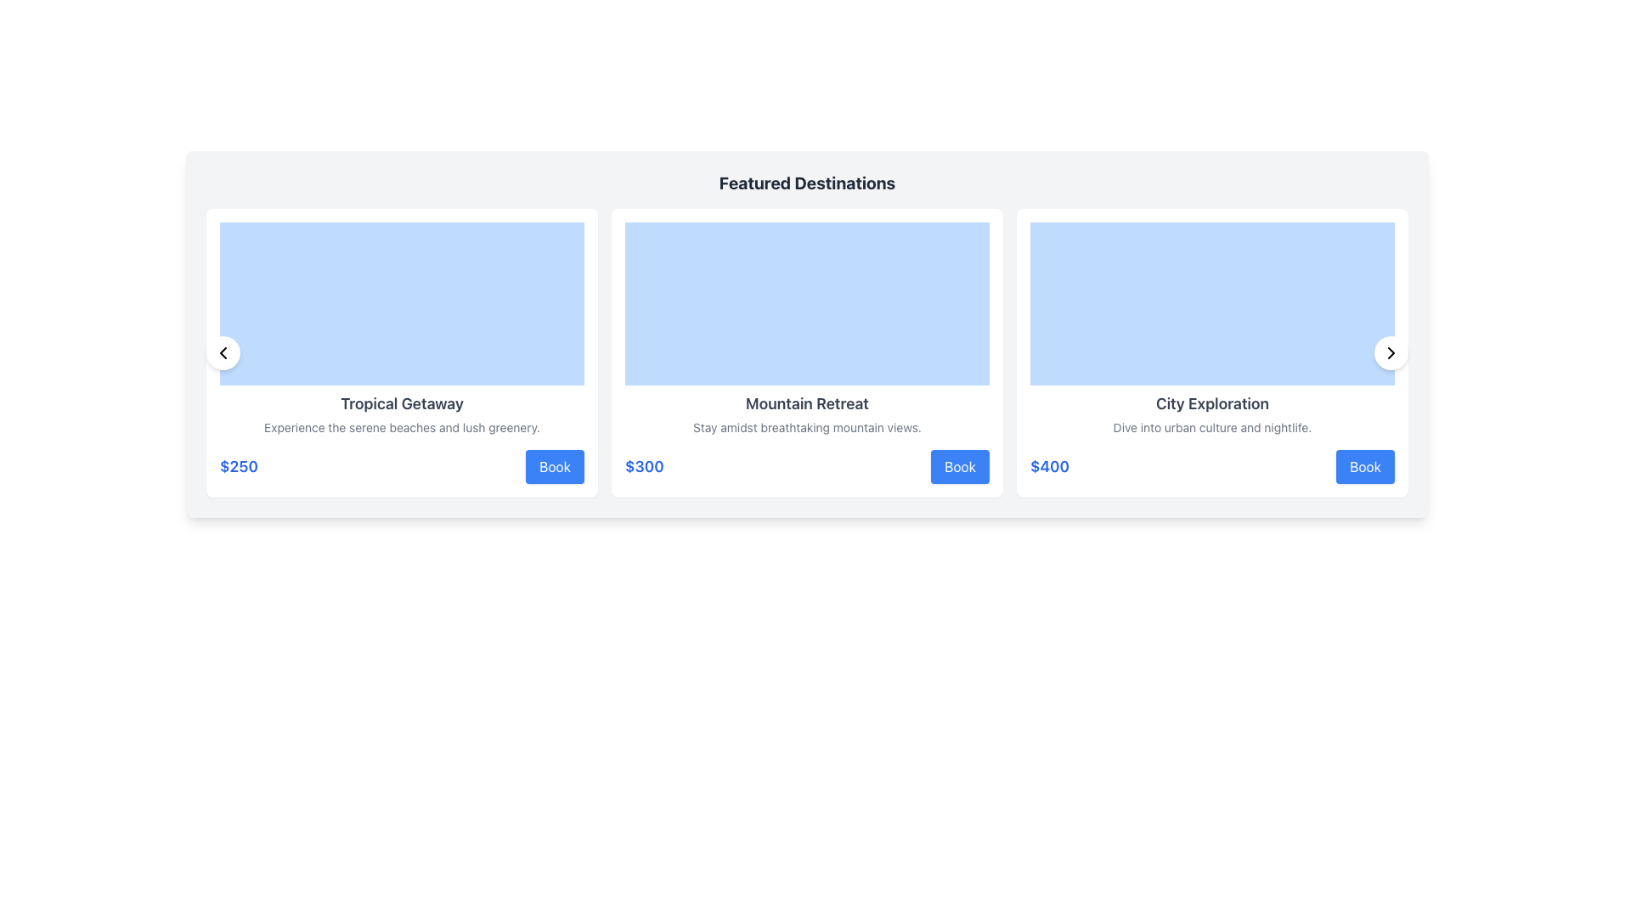 This screenshot has height=917, width=1631. Describe the element at coordinates (960, 467) in the screenshot. I see `the 'Book Mountain Retreat' button located at the bottom-right corner of the 'Mountain Retreat' card` at that location.